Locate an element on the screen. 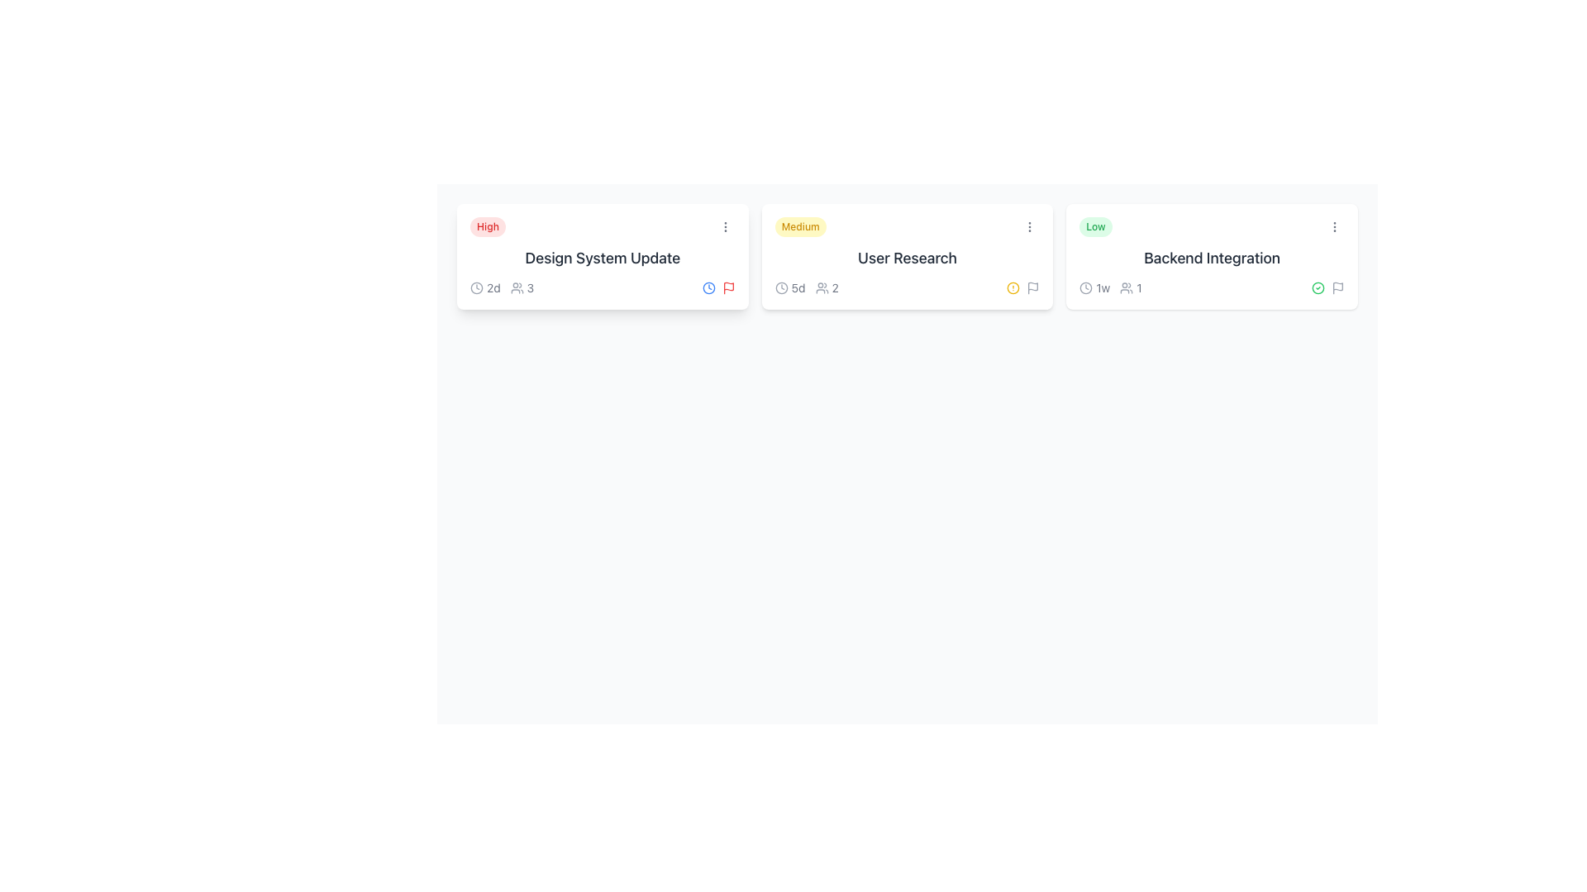 This screenshot has width=1587, height=892. the vertical ellipsis icon button located at the top-right corner of the 'Backend Integration' card is located at coordinates (1334, 226).